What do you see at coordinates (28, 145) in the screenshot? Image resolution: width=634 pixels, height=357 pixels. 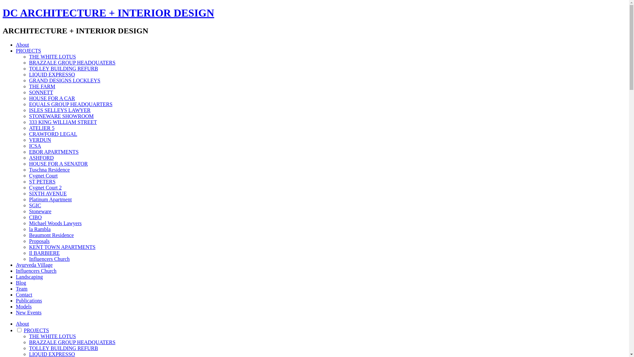 I see `'ICSA'` at bounding box center [28, 145].